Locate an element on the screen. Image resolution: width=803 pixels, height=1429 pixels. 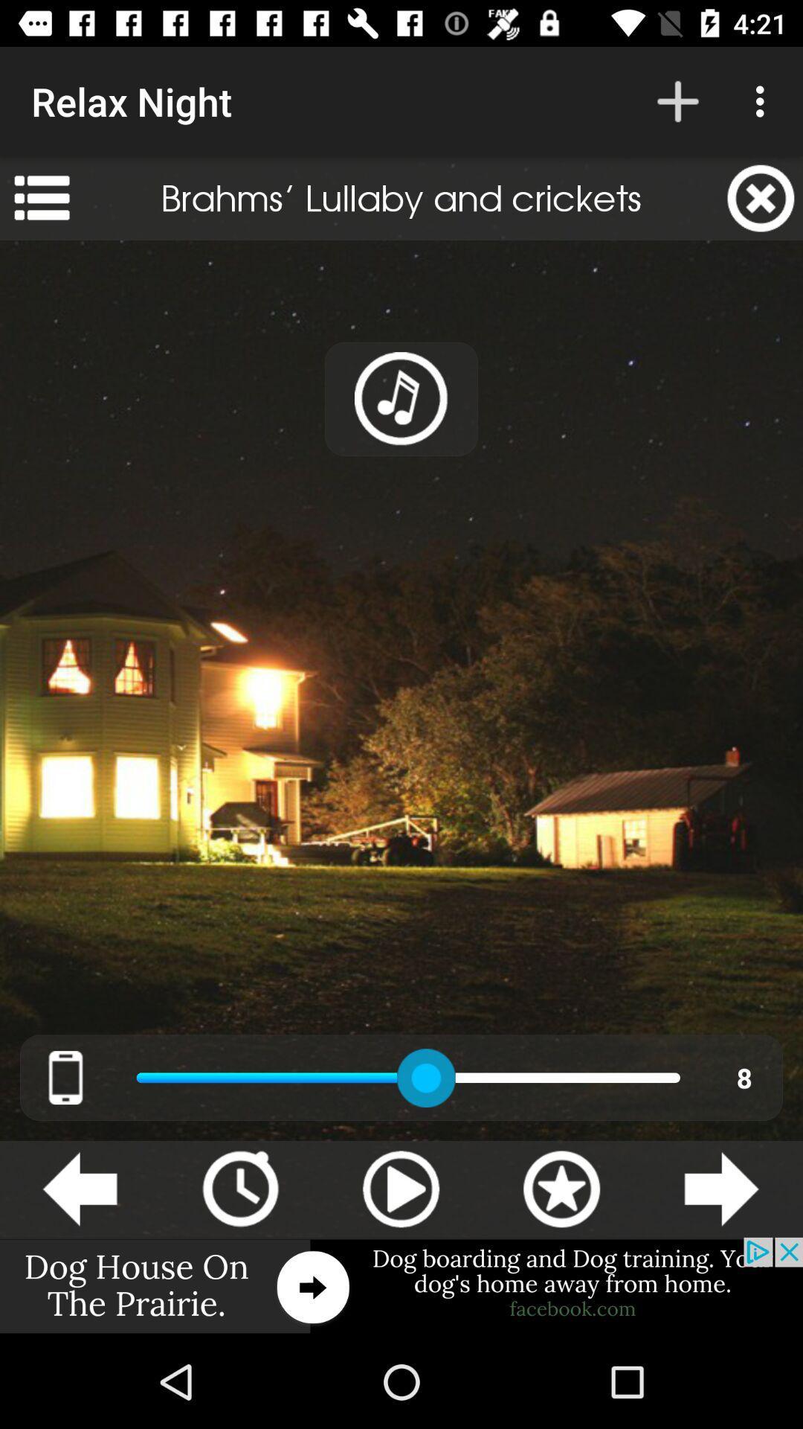
the app to the left of the brahms lullaby and item is located at coordinates (41, 197).